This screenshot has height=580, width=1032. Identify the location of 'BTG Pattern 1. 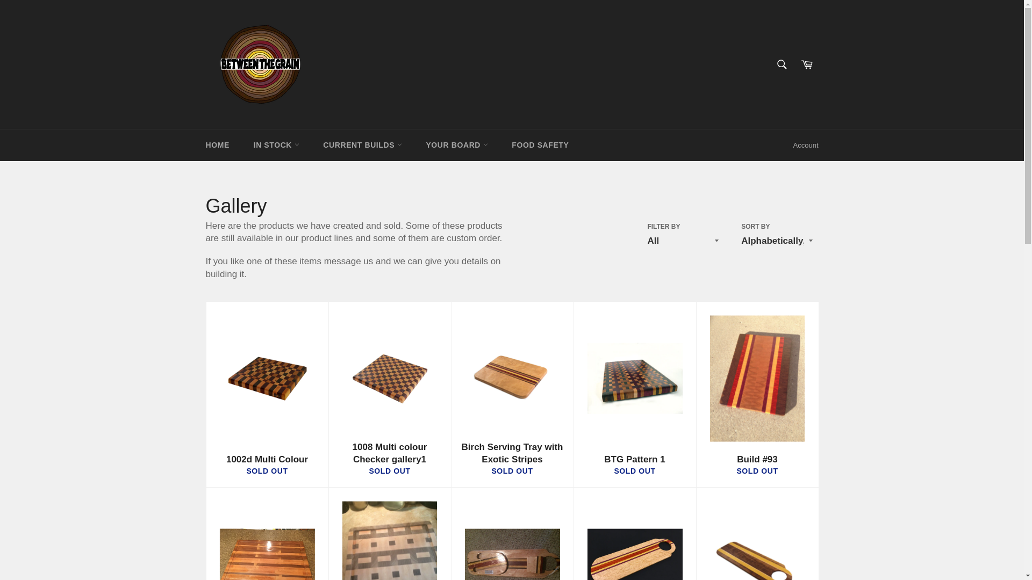
(634, 395).